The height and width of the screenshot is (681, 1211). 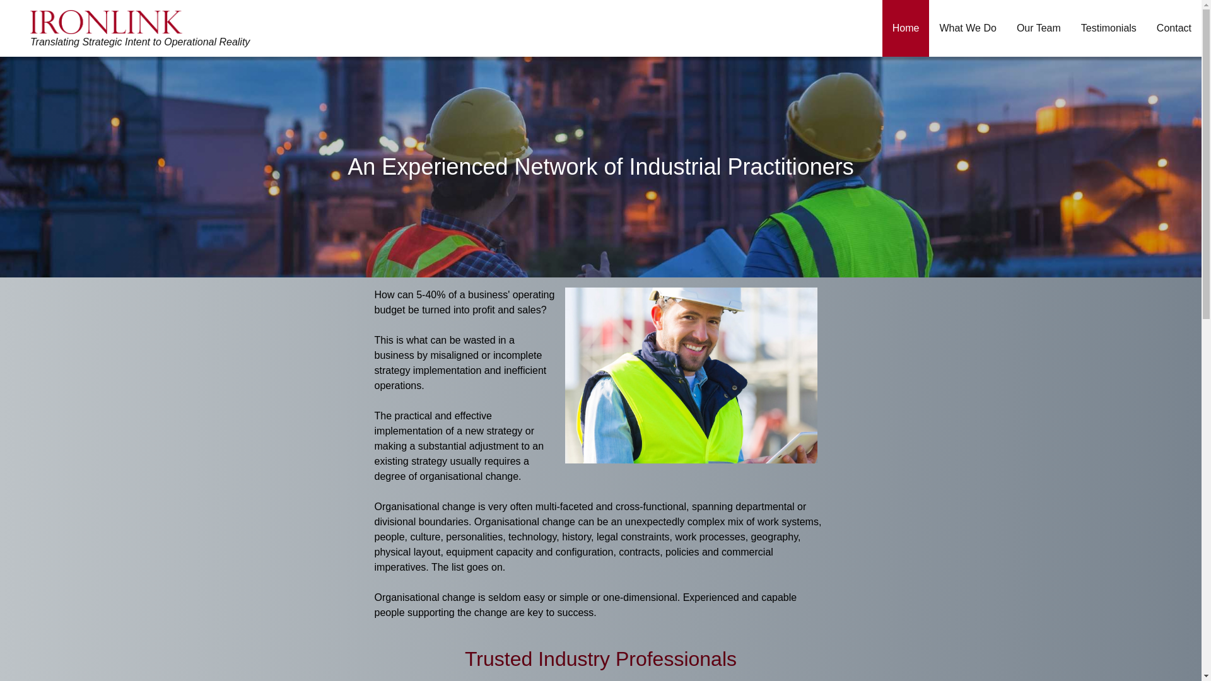 I want to click on 'Home', so click(x=905, y=28).